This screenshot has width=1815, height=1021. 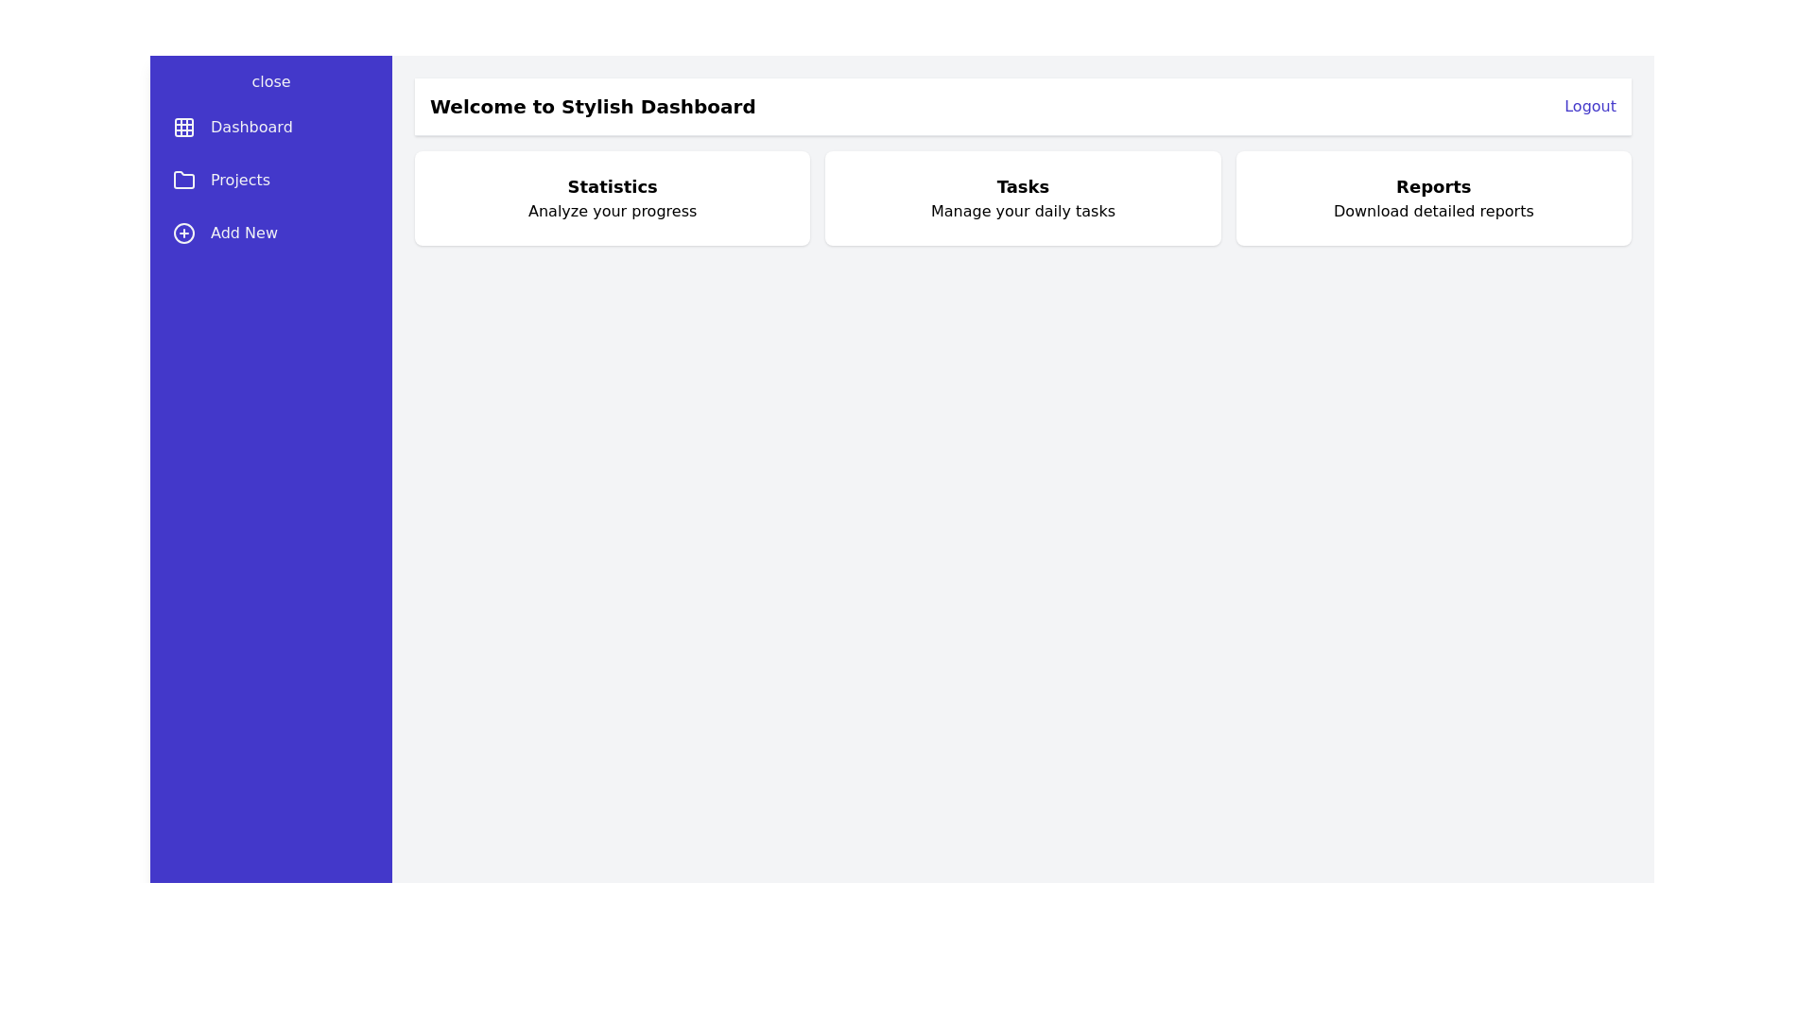 What do you see at coordinates (184, 181) in the screenshot?
I see `the 'Projects' icon in the sidebar navigation menu` at bounding box center [184, 181].